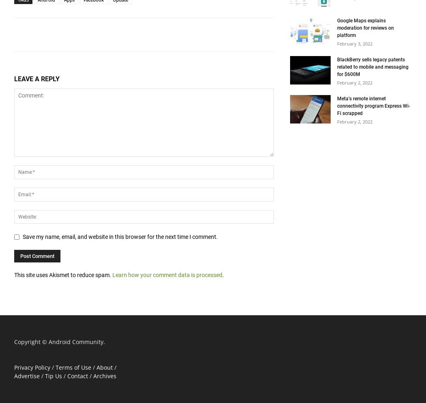  I want to click on 'Copyright © Android Community.', so click(59, 341).